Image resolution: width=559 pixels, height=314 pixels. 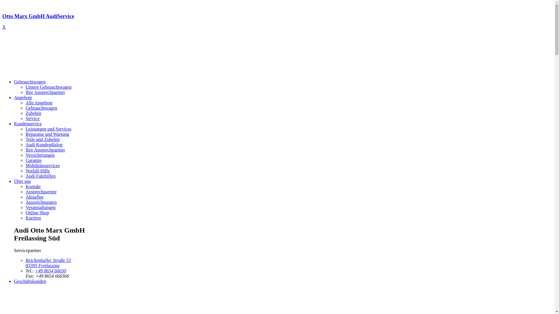 What do you see at coordinates (33, 218) in the screenshot?
I see `'Karriere'` at bounding box center [33, 218].